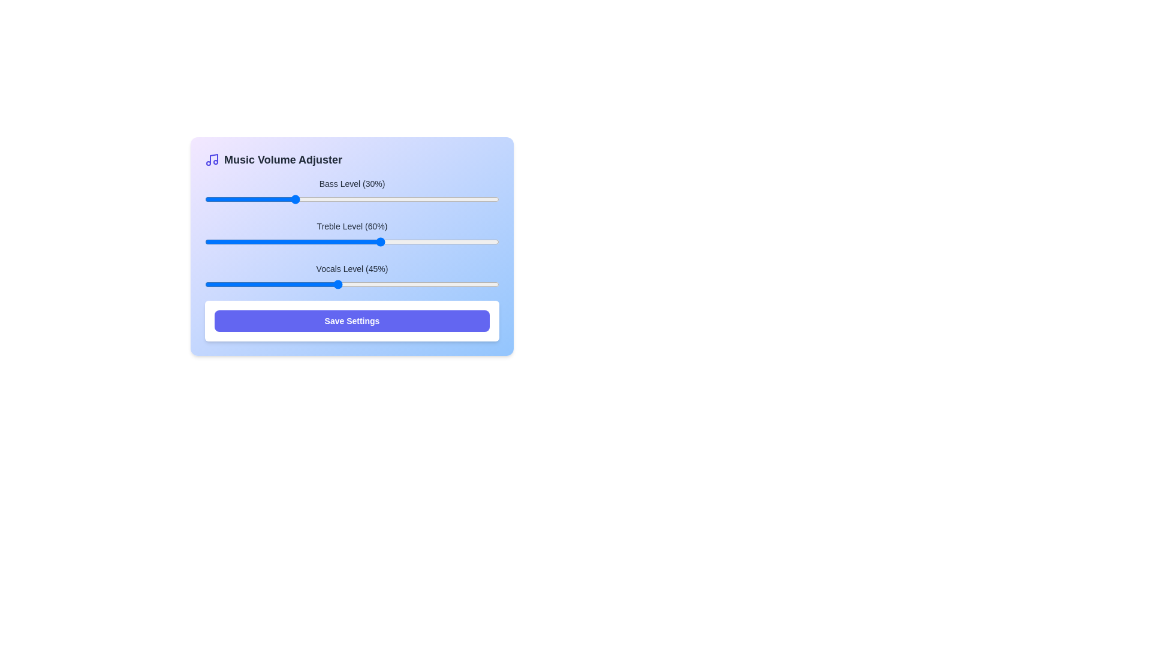 Image resolution: width=1151 pixels, height=647 pixels. I want to click on the treble level, so click(445, 242).